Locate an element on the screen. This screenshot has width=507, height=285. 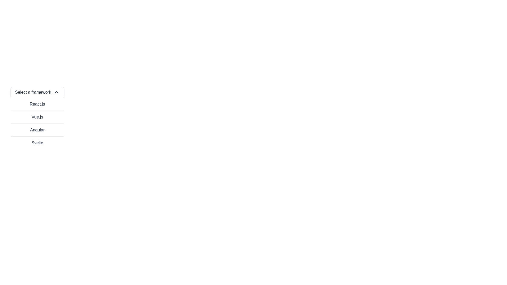
the third item in the list representing the 'Angular' framework is located at coordinates (37, 130).